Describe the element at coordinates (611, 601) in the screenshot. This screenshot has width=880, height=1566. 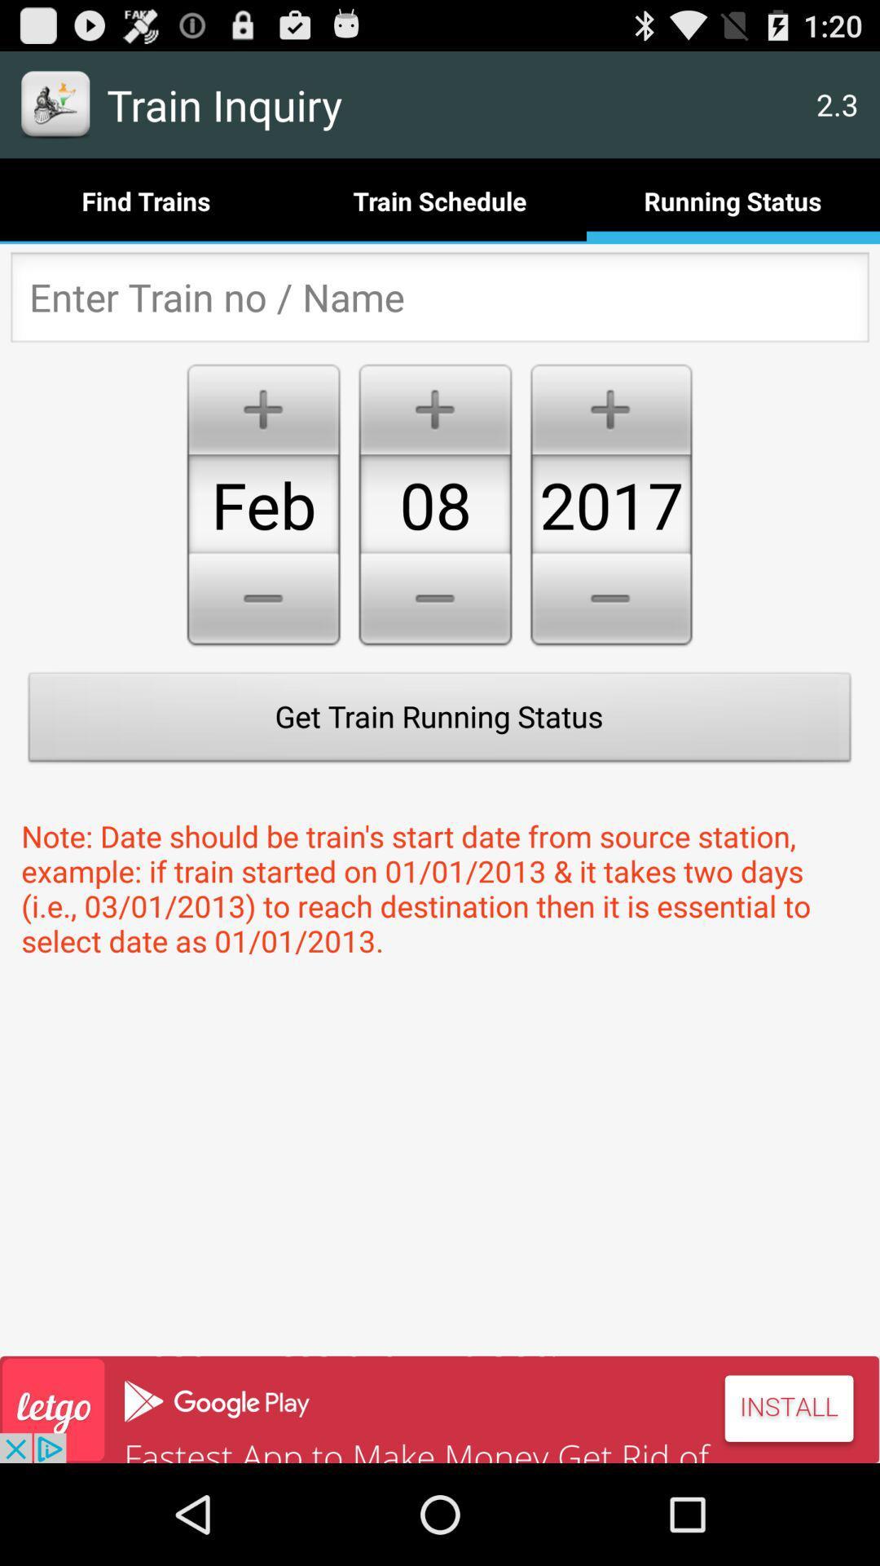
I see `the minus button below 2017` at that location.